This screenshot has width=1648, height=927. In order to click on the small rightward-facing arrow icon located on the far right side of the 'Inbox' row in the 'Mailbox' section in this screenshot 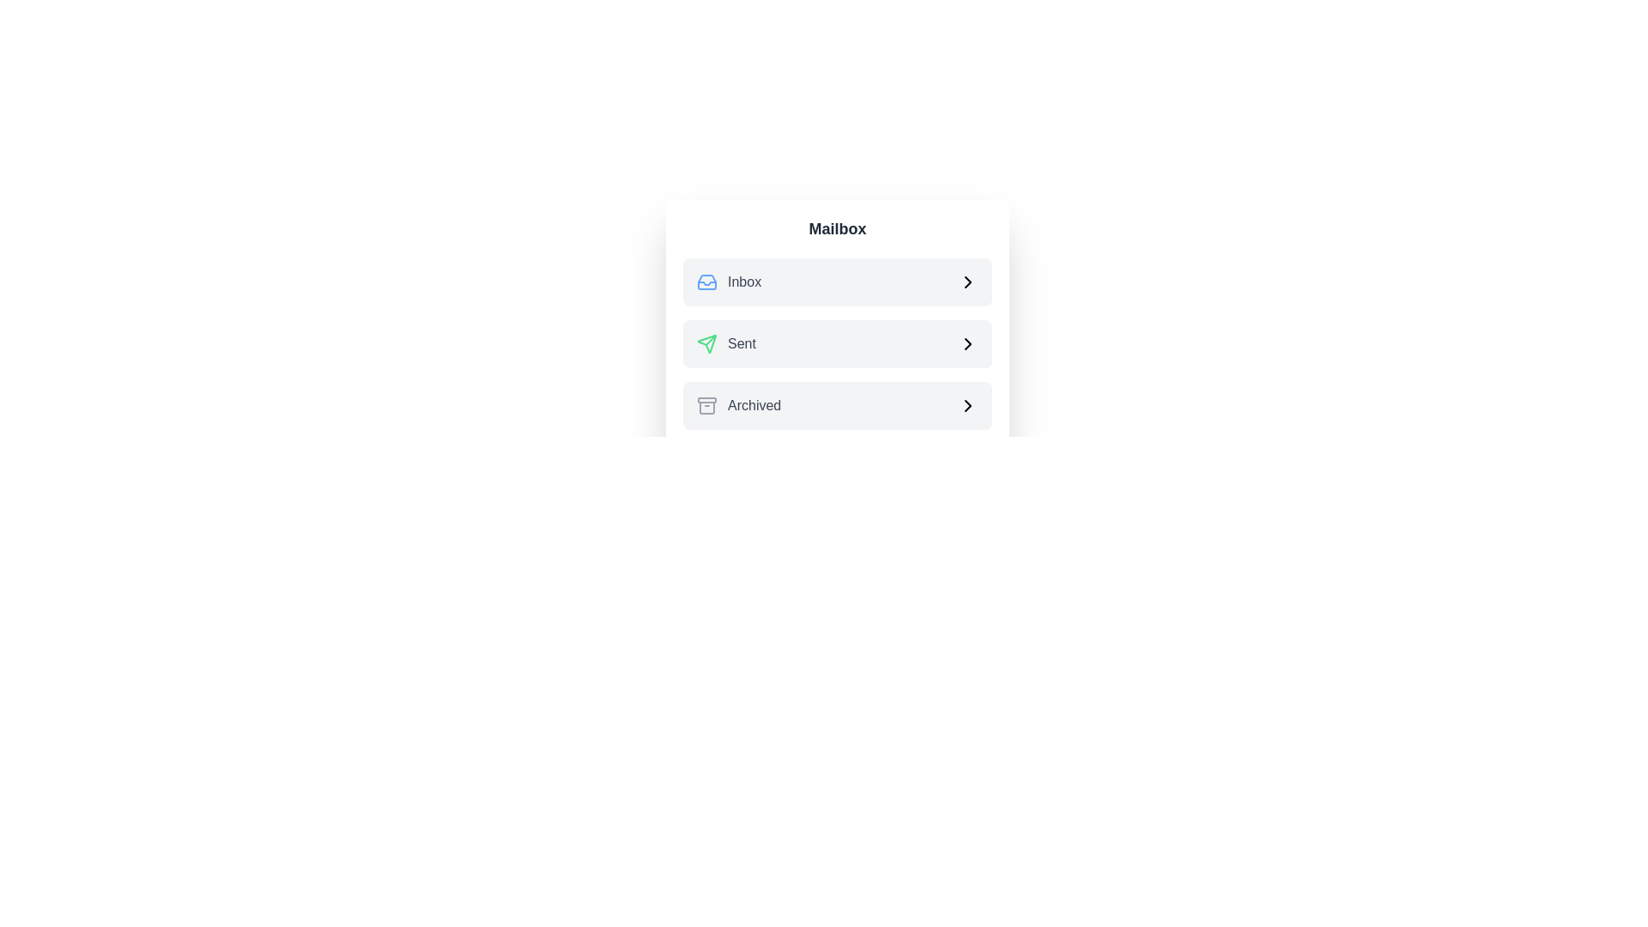, I will do `click(968, 281)`.